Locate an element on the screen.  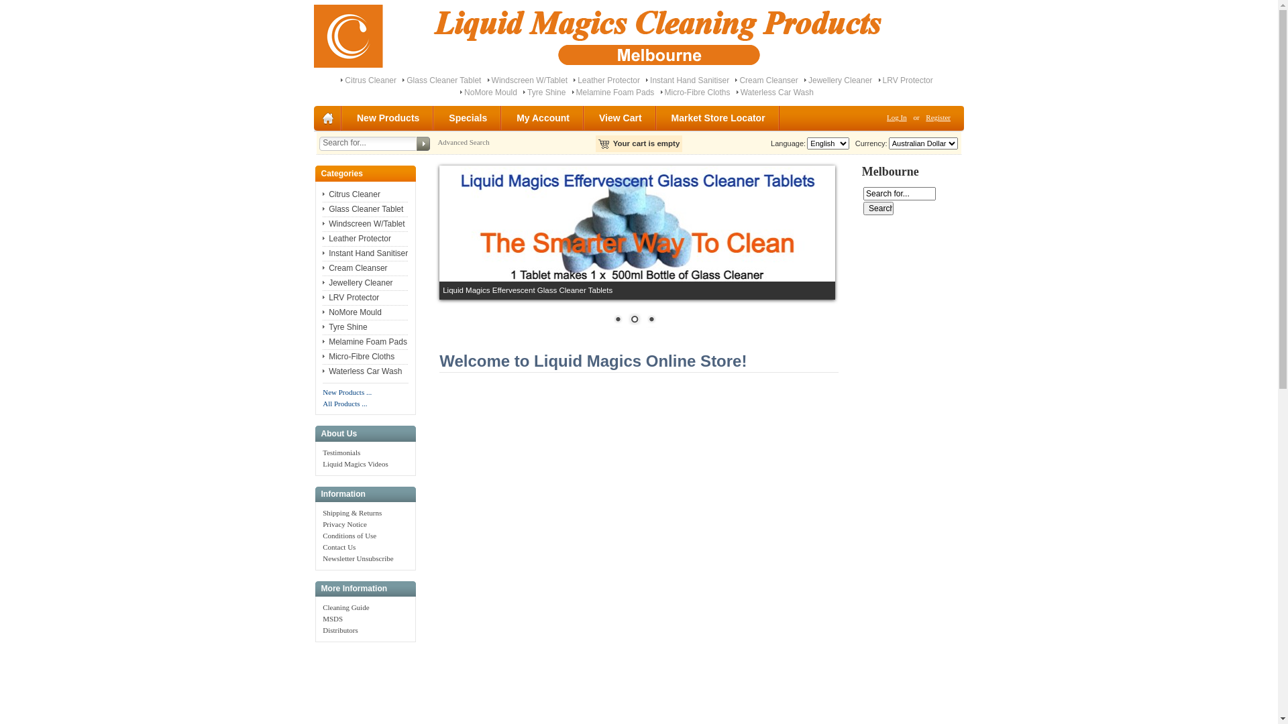
'View Cart' is located at coordinates (621, 117).